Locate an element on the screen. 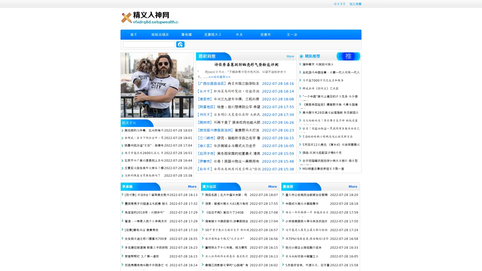  Search is located at coordinates (180, 44).